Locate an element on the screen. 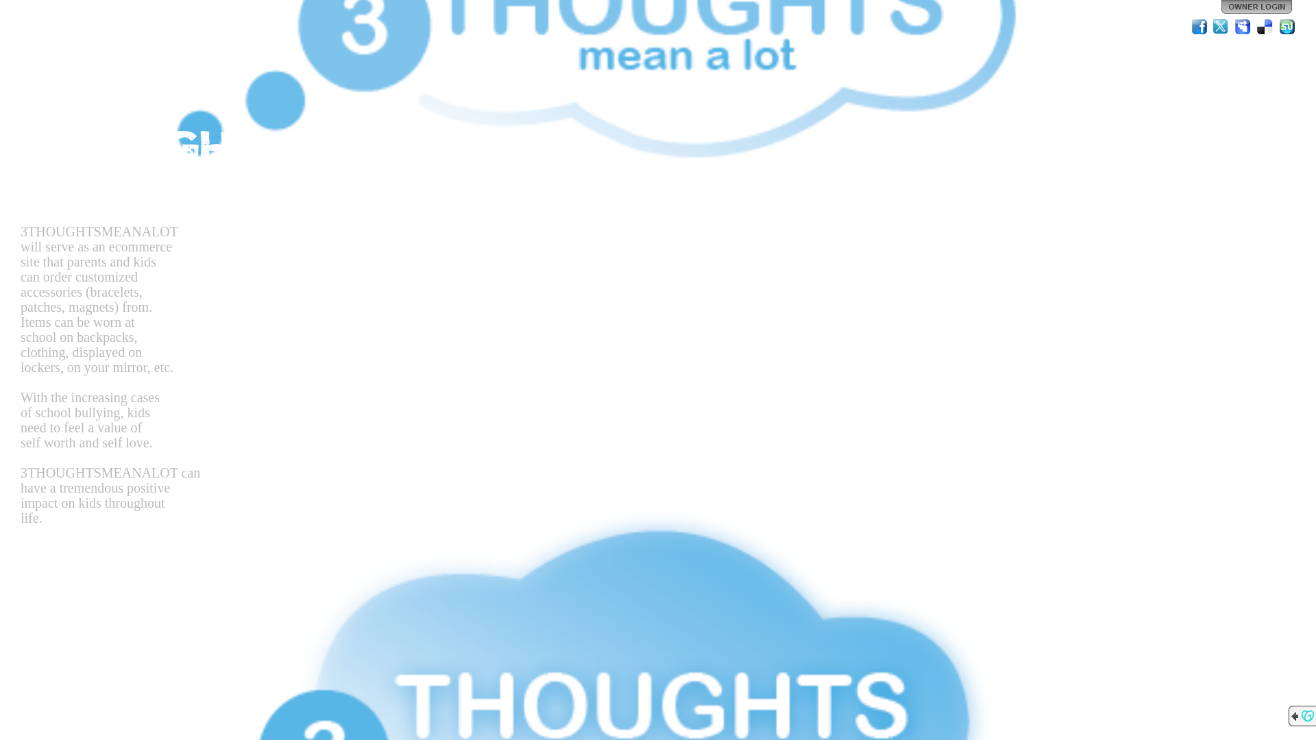 The height and width of the screenshot is (740, 1316). 'MySpace' is located at coordinates (1243, 26).